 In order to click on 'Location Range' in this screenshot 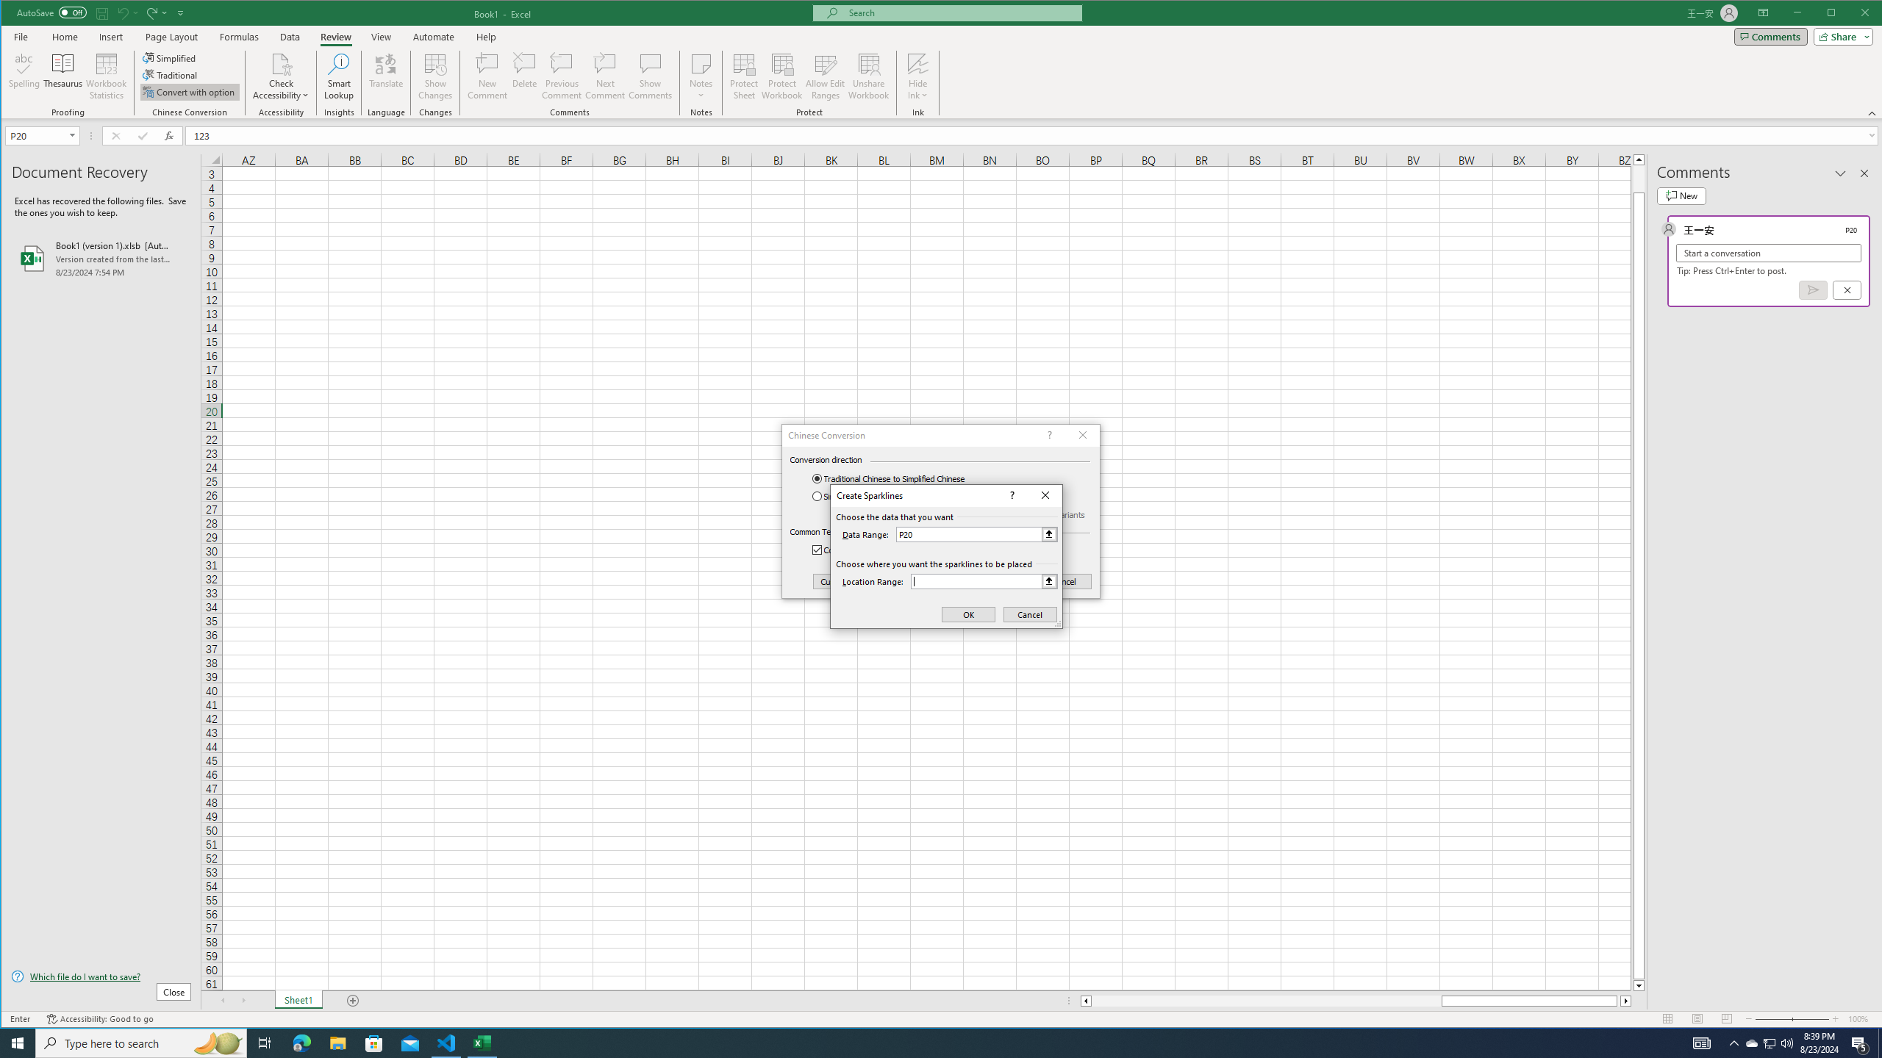, I will do `click(983, 580)`.